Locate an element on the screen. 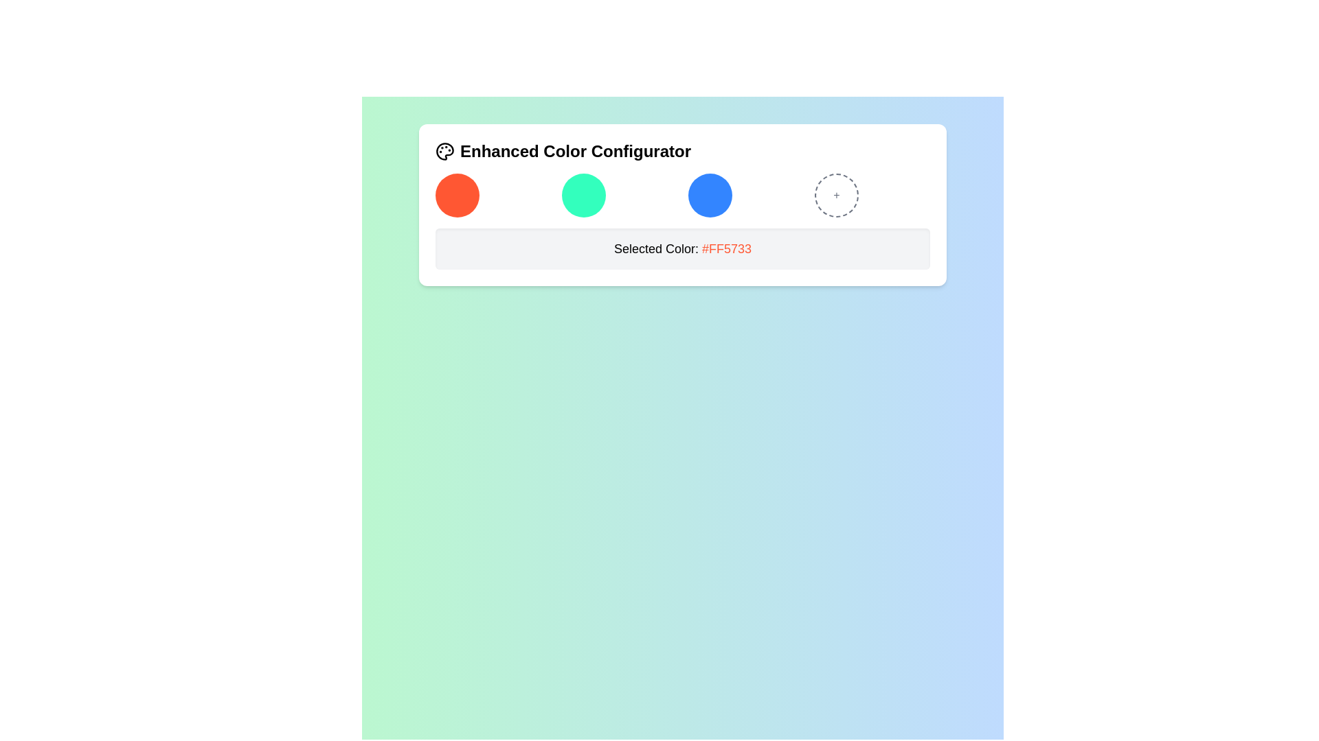 Image resolution: width=1319 pixels, height=741 pixels. the blue color selection button, which is the third circular button in a horizontal row, located between a green button and a dashed-outline circle is located at coordinates (710, 196).